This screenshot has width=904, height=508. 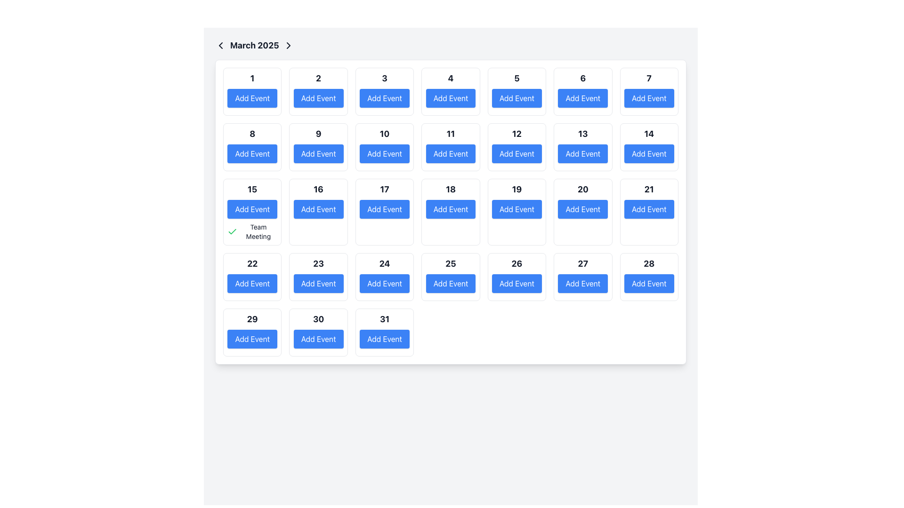 What do you see at coordinates (648, 153) in the screenshot?
I see `the 'Add Event' button, which is a vibrant blue rectangular button with rounded corners located in the second row of the calendar grid, associated with the date '14'` at bounding box center [648, 153].